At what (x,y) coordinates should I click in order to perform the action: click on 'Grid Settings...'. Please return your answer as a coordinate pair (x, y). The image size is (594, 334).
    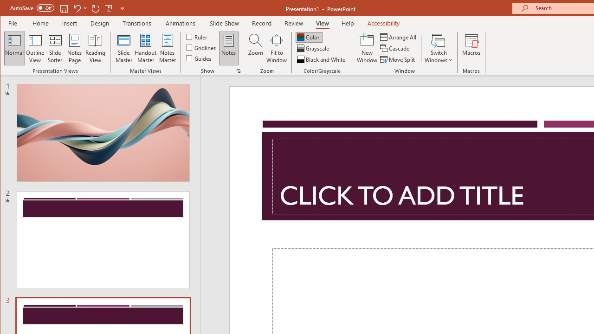
    Looking at the image, I should click on (238, 71).